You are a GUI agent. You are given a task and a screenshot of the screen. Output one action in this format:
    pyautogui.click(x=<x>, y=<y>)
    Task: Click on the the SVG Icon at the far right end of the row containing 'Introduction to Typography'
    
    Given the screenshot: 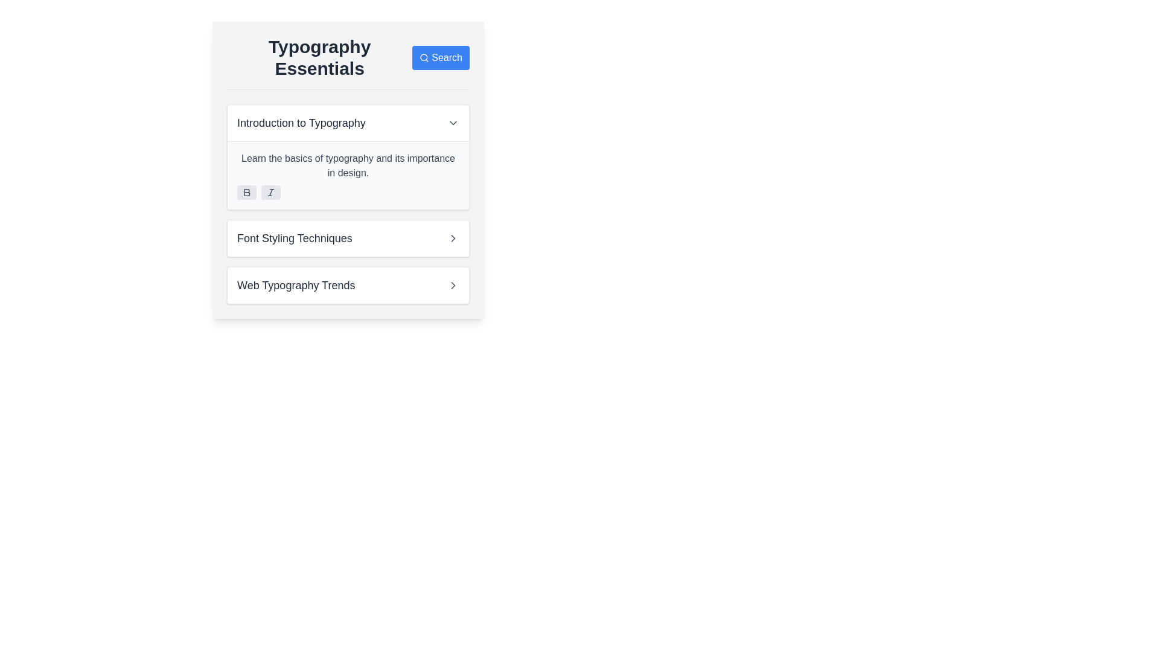 What is the action you would take?
    pyautogui.click(x=452, y=123)
    